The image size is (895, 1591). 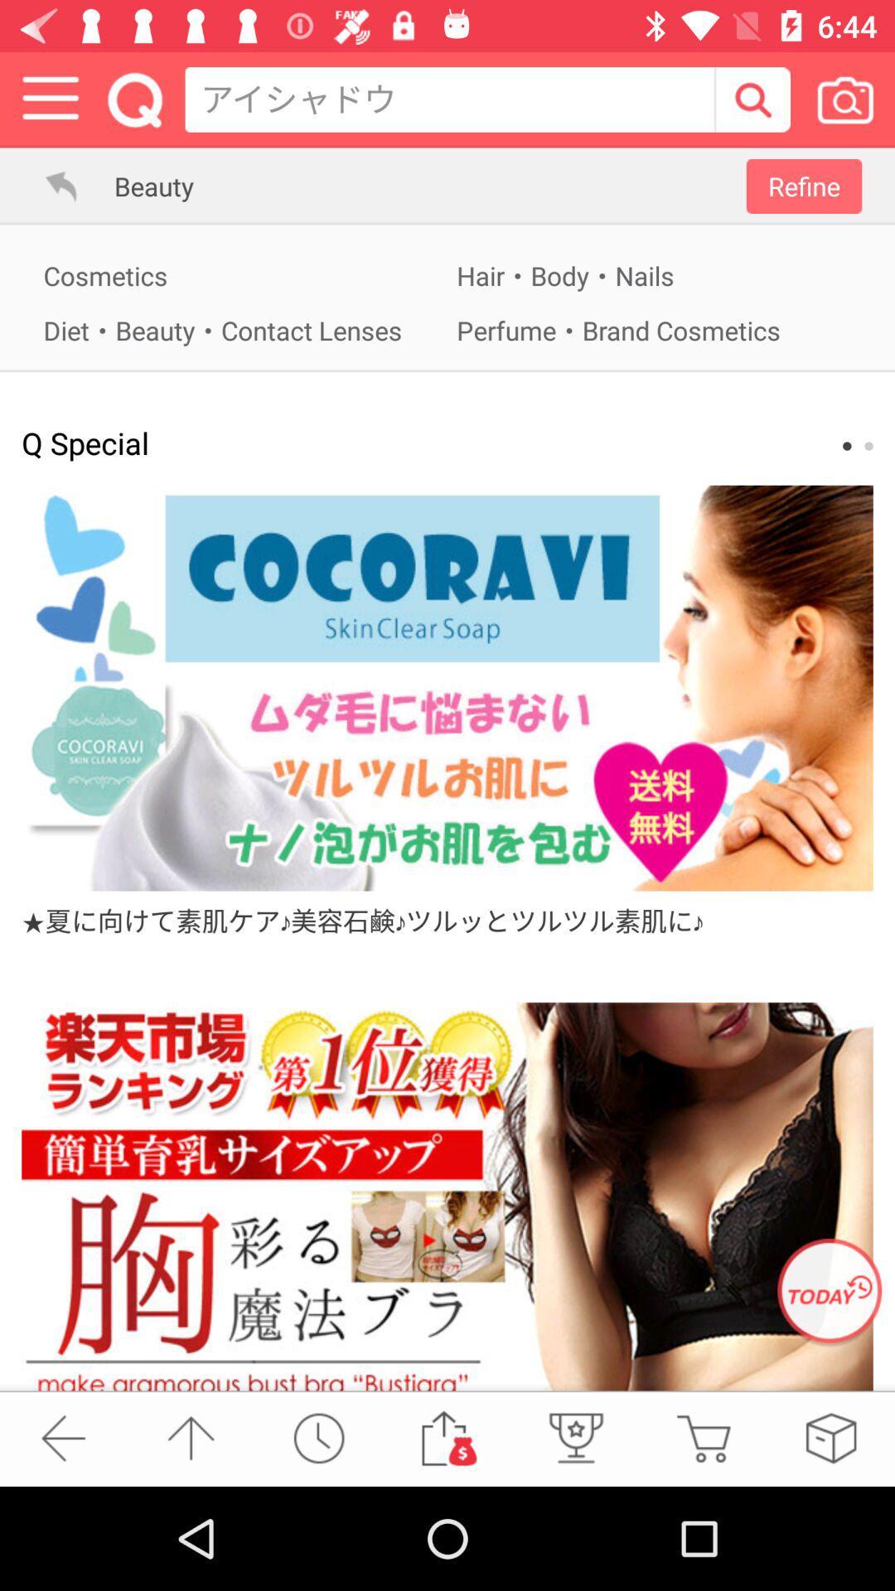 What do you see at coordinates (573, 1437) in the screenshot?
I see `get a gift` at bounding box center [573, 1437].